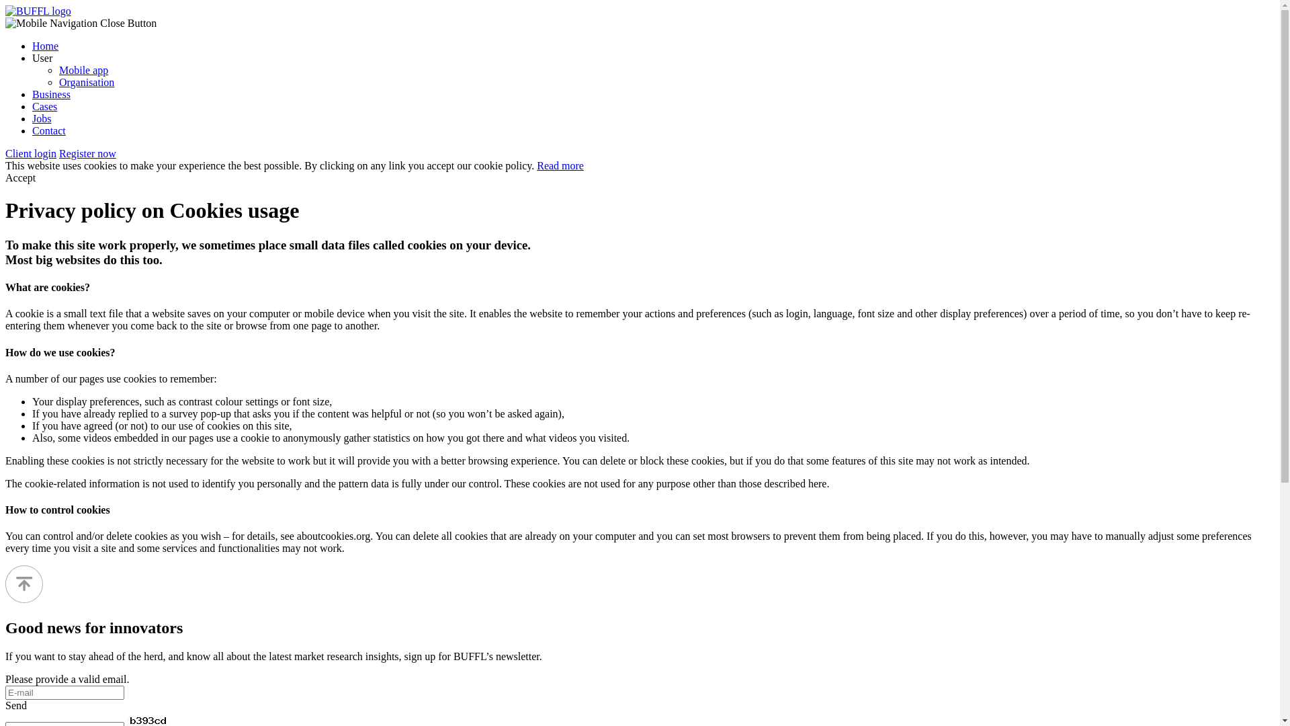 This screenshot has width=1290, height=726. Describe the element at coordinates (86, 82) in the screenshot. I see `'Organisation'` at that location.